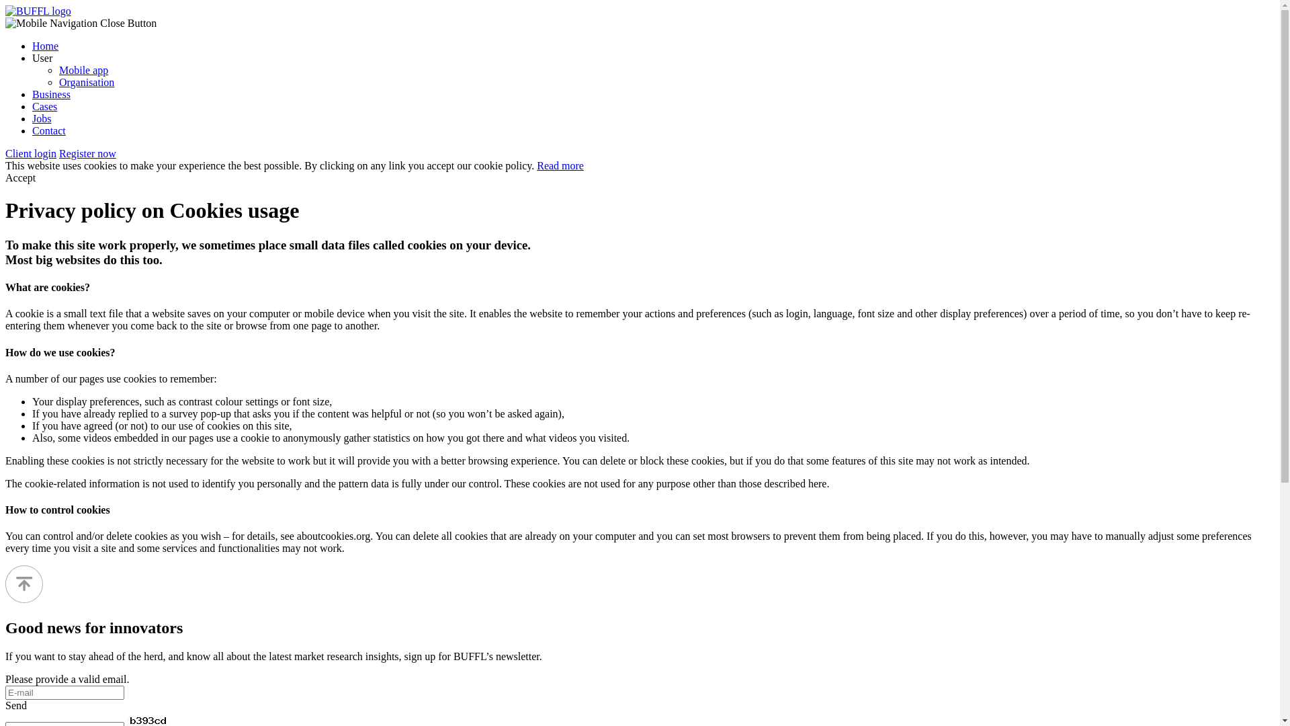 This screenshot has width=1290, height=726. Describe the element at coordinates (86, 82) in the screenshot. I see `'Organisation'` at that location.